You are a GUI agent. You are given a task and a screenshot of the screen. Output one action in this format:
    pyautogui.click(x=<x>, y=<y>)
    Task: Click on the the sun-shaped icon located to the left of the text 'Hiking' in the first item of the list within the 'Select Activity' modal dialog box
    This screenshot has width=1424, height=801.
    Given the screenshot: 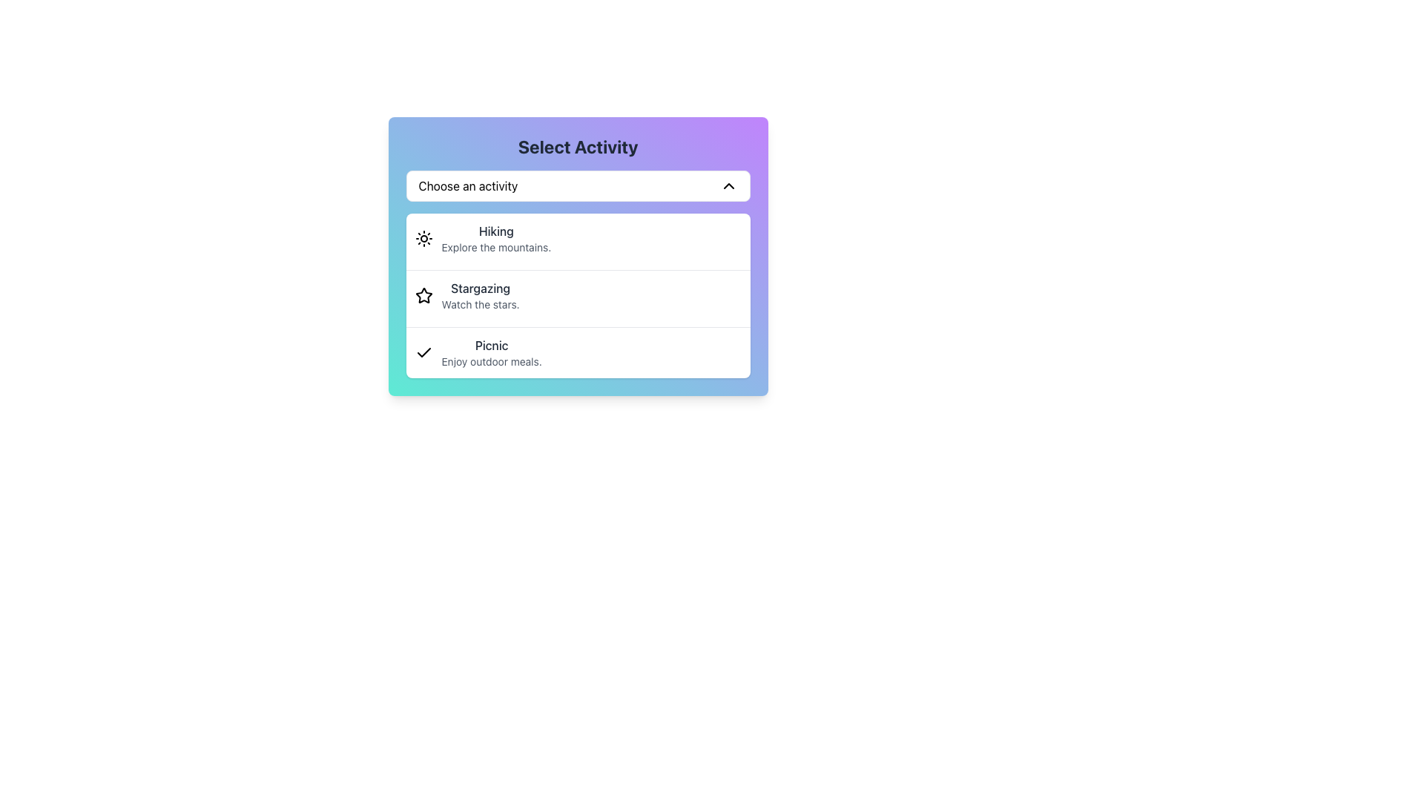 What is the action you would take?
    pyautogui.click(x=423, y=237)
    